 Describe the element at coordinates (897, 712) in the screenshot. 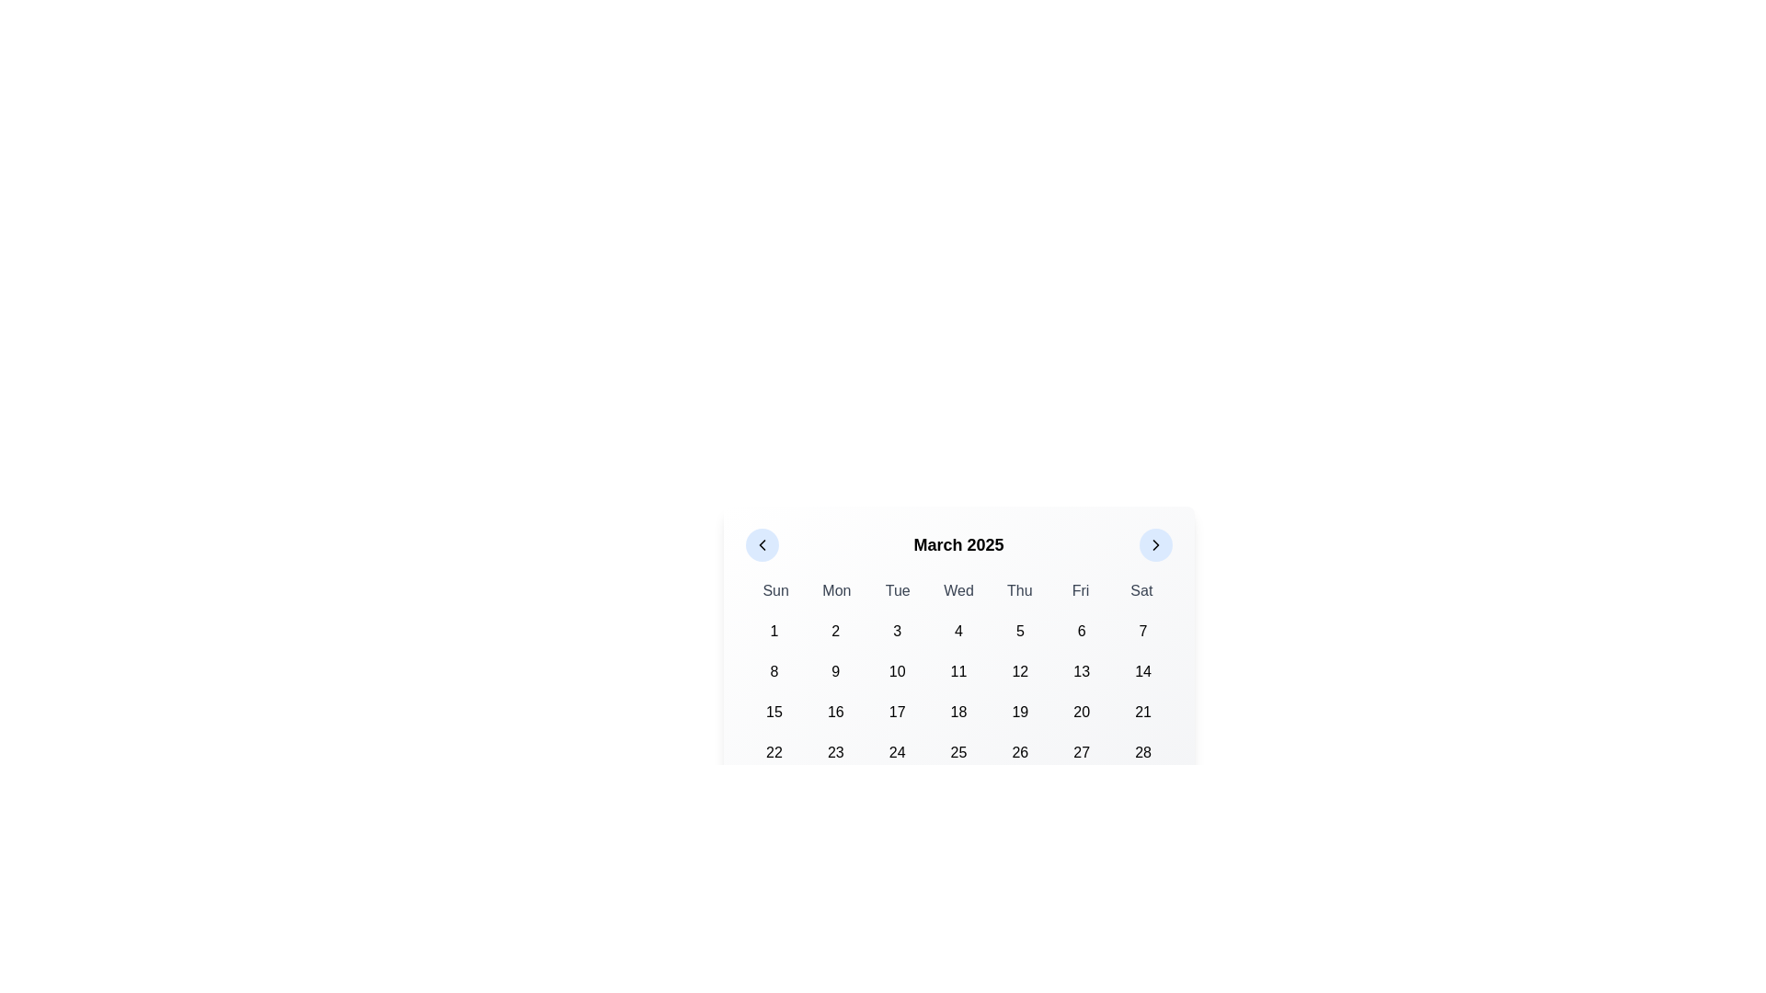

I see `the day selector button for the date '17' in the March 2025 calendar` at that location.